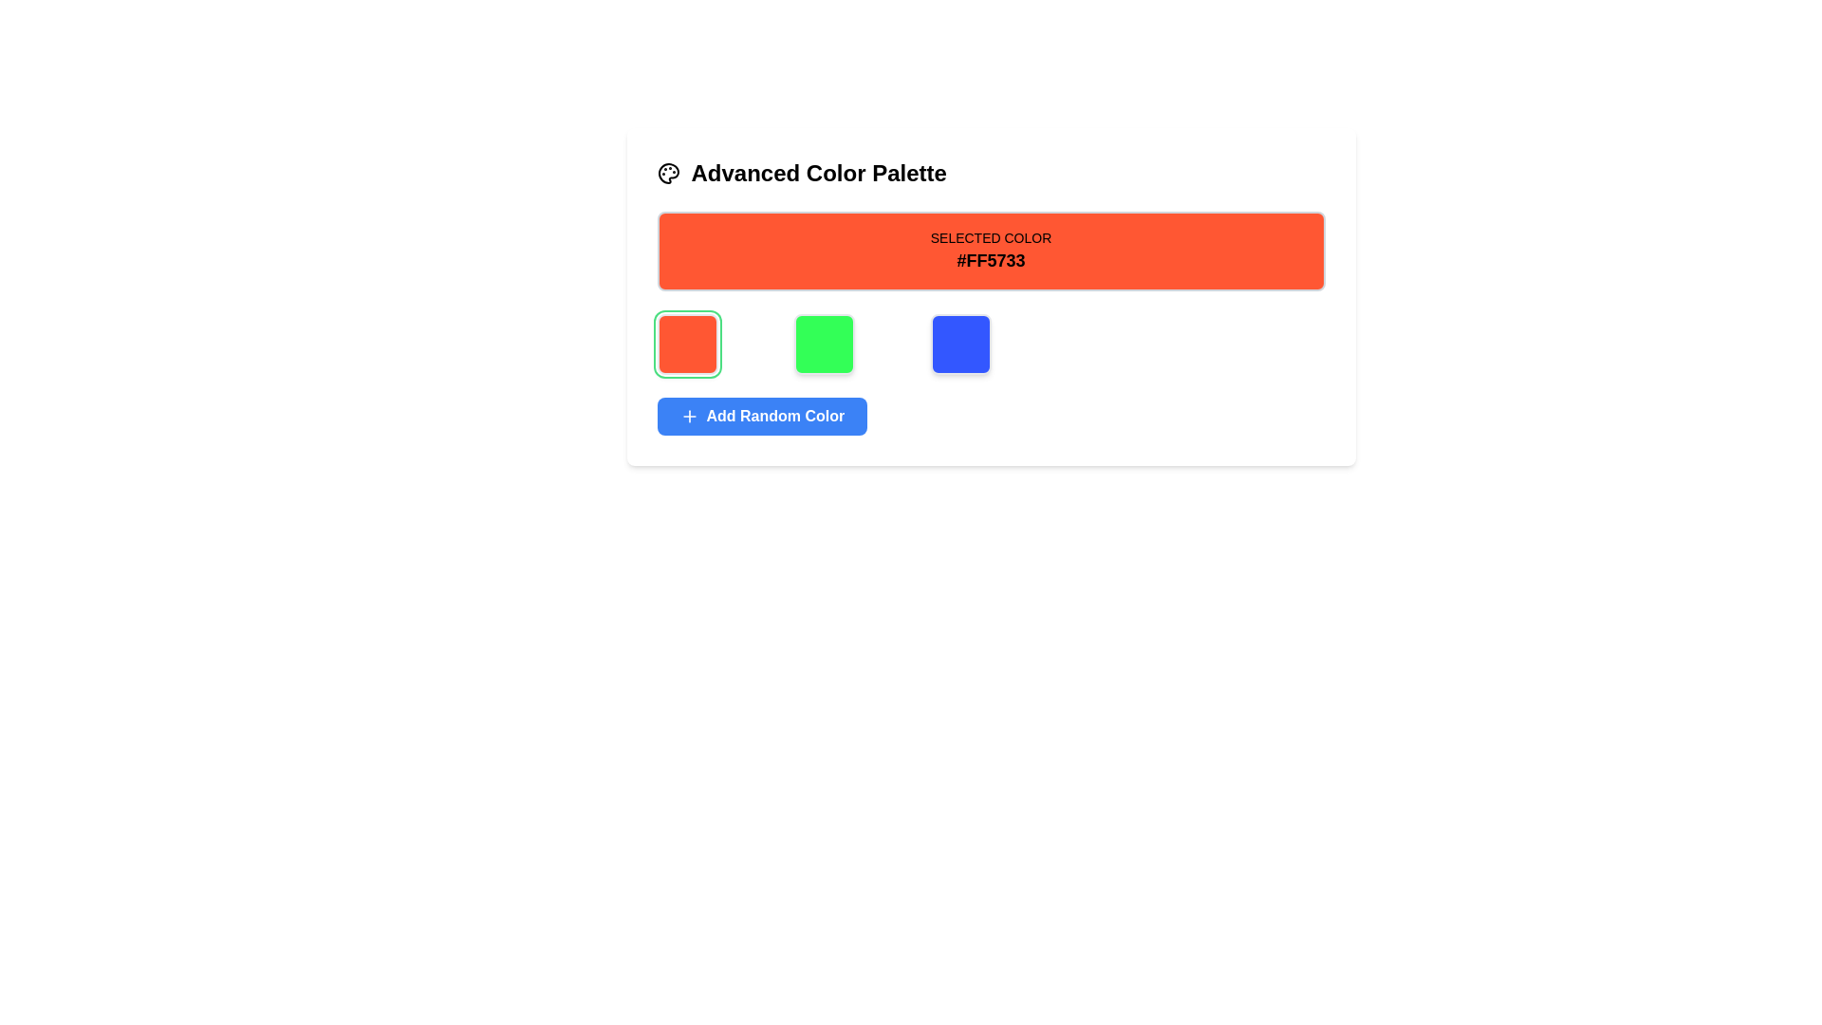 The image size is (1822, 1025). What do you see at coordinates (762, 416) in the screenshot?
I see `the rectangular button with a blue background, labeled 'Add Random Color' with a '+' icon on the left` at bounding box center [762, 416].